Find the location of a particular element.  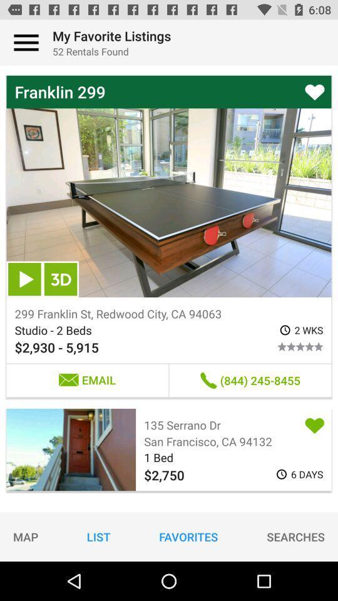

item below the franklin 299 item is located at coordinates (24, 279).